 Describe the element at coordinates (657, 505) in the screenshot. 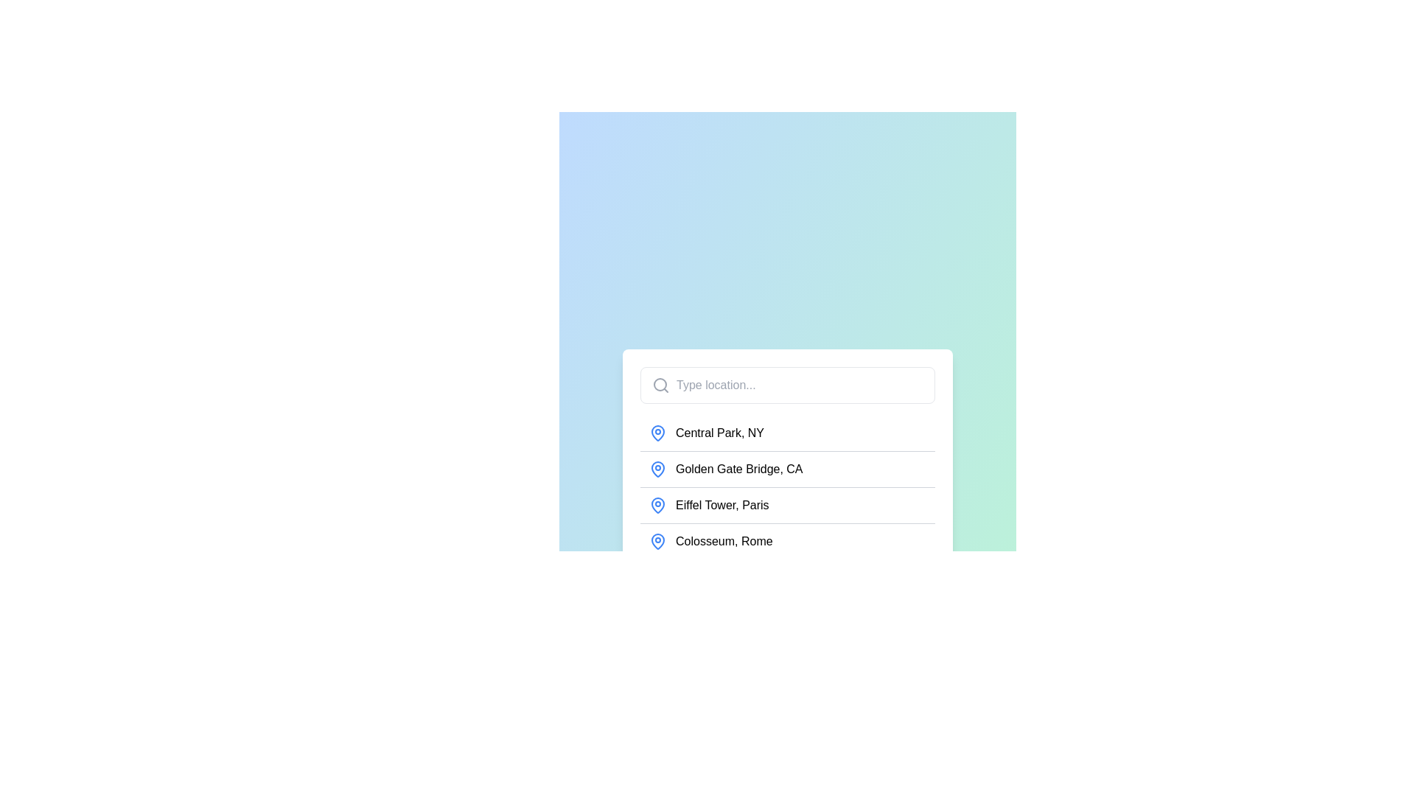

I see `the blue map pin icon located to the left of the text 'Eiffel Tower, Paris'` at that location.